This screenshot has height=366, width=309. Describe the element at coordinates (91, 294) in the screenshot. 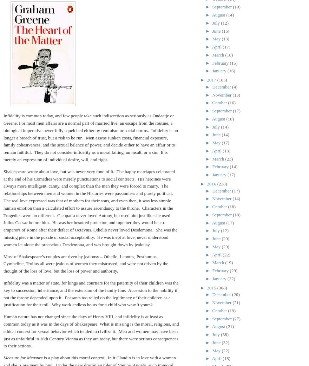

I see `'Infidelity was a matter of state, for kings and courtiers for the paternity of their children was the key to succession, inheritance, and the extension of the family line.  Accession to the nobility if not the throne depended upon it.  Peasants too relied on the legitimacy of their children as a justification for their toil.  Why work endless hours for a child who wasn’t yours?'` at that location.